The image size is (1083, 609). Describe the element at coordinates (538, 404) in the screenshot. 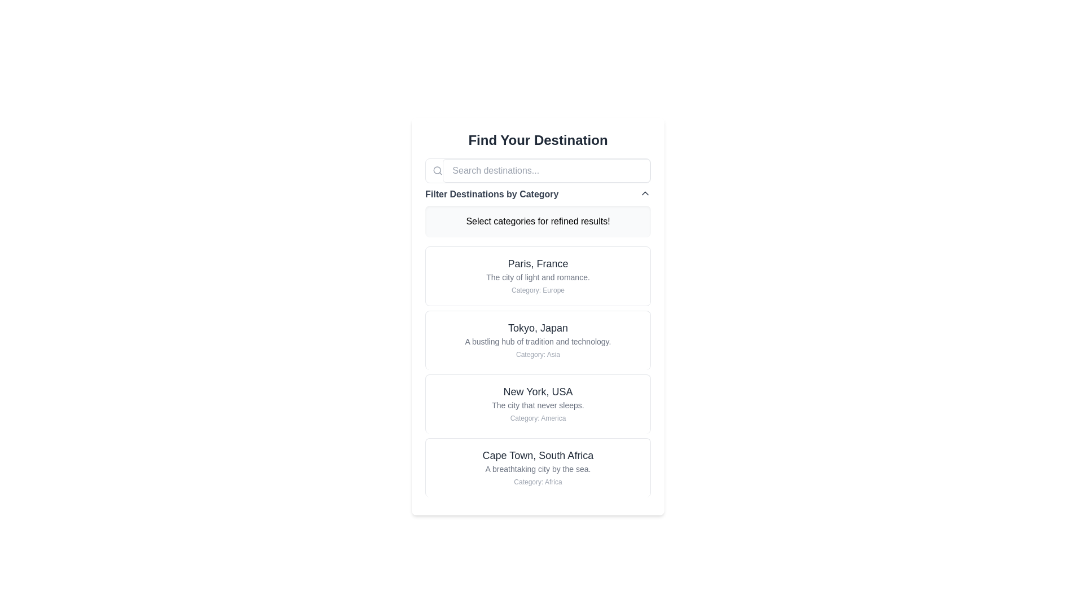

I see `the descriptive subtitle text label that provides additional information about New York, USA, situated below the title 'New York, USA'` at that location.